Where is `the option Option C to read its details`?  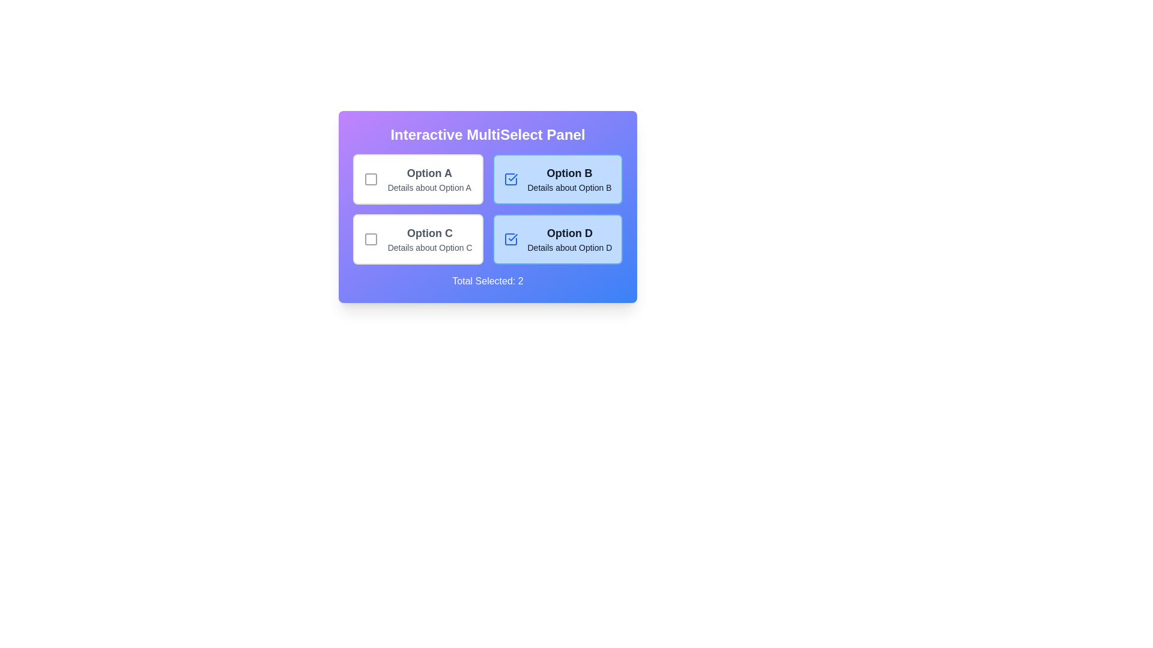
the option Option C to read its details is located at coordinates (418, 239).